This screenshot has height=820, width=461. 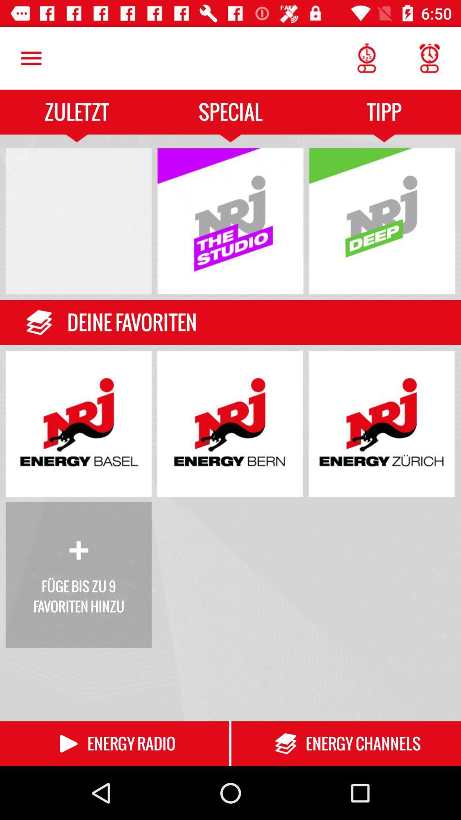 I want to click on the item to the left of the special, so click(x=31, y=58).